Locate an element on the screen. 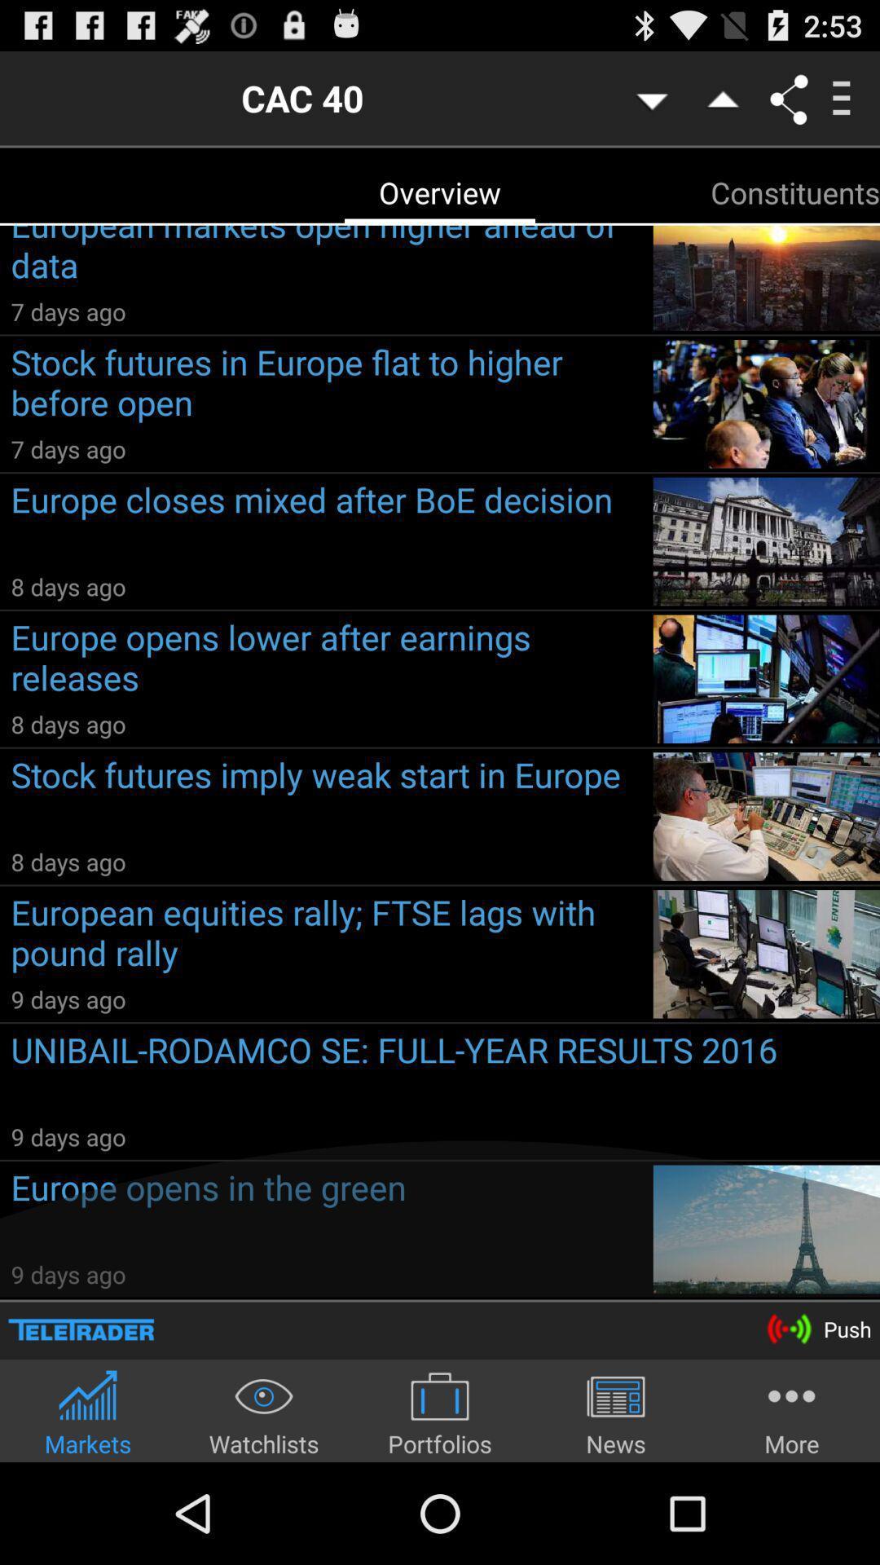 The width and height of the screenshot is (880, 1565). the european markets open icon is located at coordinates (326, 259).